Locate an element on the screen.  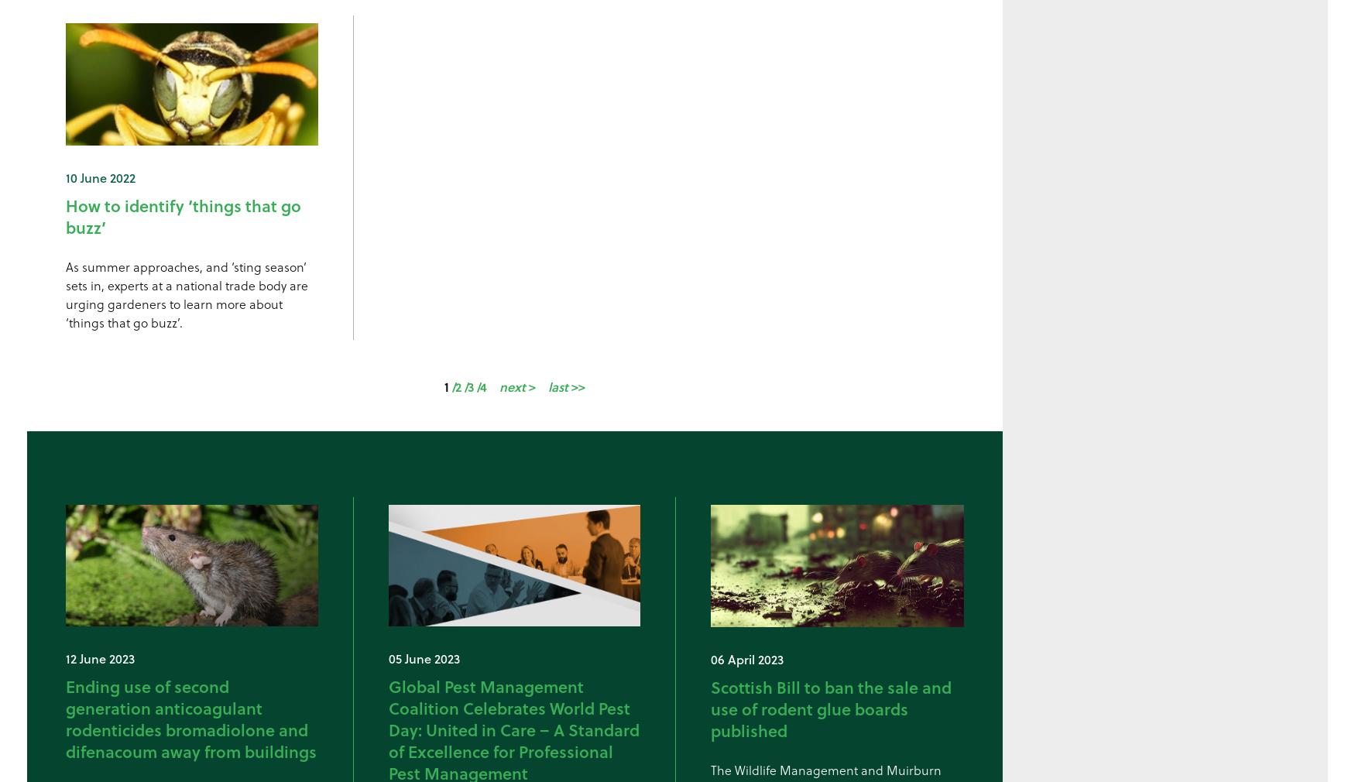
'>' is located at coordinates (531, 386).